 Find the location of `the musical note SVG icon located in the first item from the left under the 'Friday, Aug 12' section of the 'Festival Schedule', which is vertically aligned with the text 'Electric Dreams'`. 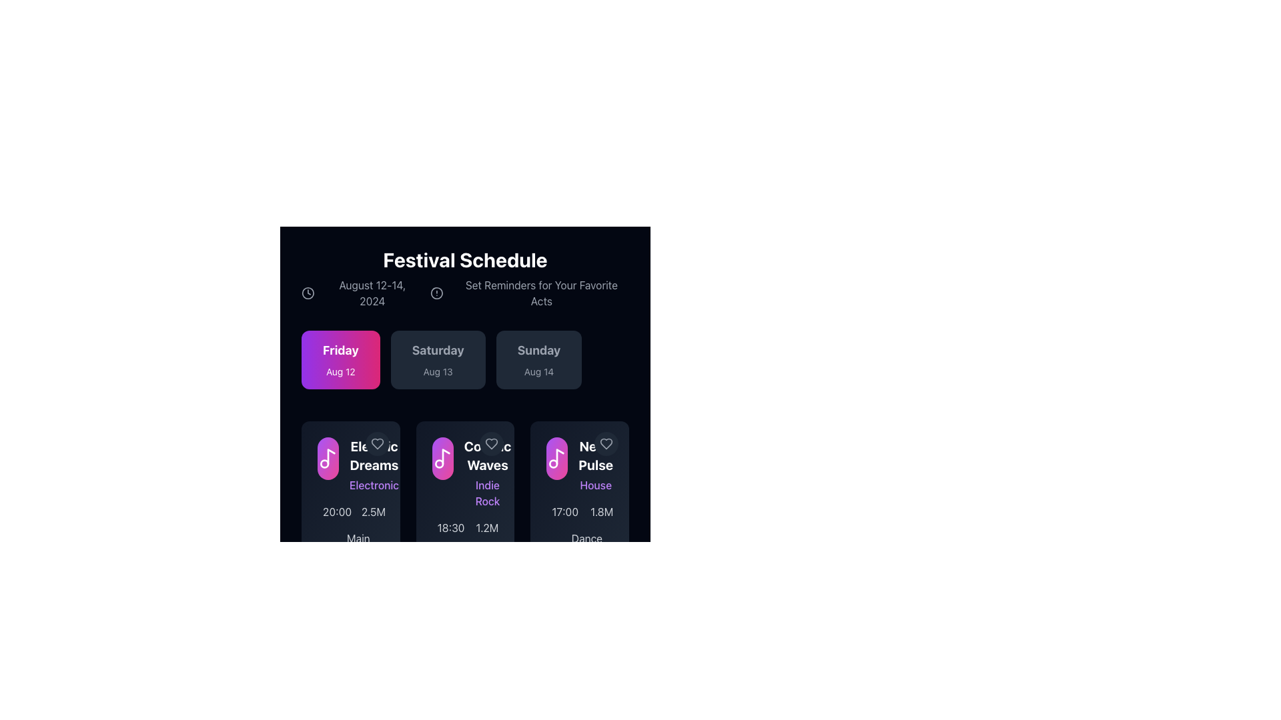

the musical note SVG icon located in the first item from the left under the 'Friday, Aug 12' section of the 'Festival Schedule', which is vertically aligned with the text 'Electric Dreams' is located at coordinates (328, 457).